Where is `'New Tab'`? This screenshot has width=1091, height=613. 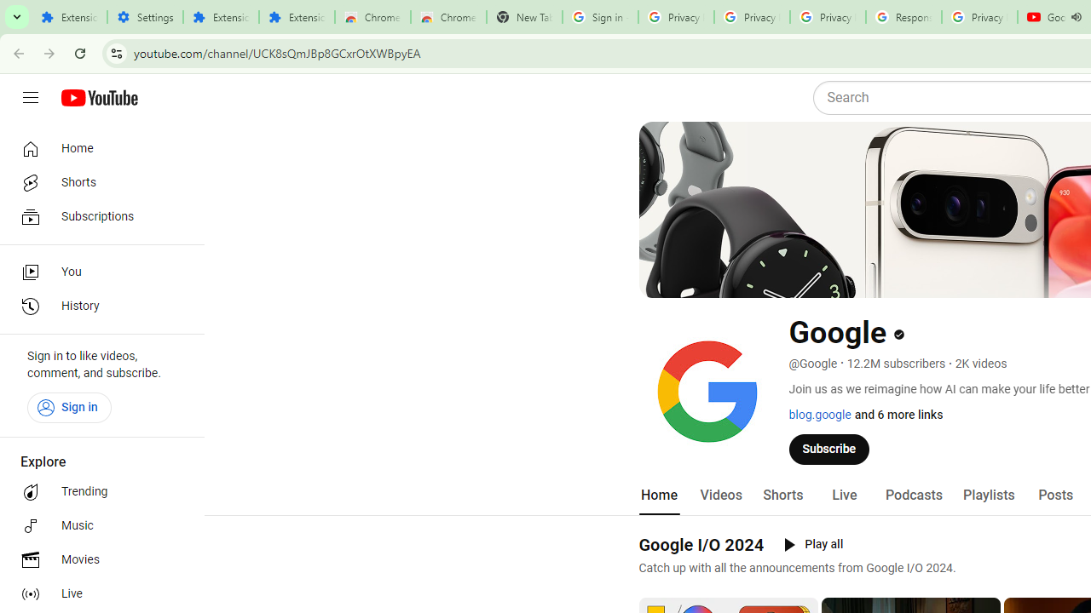 'New Tab' is located at coordinates (523, 17).